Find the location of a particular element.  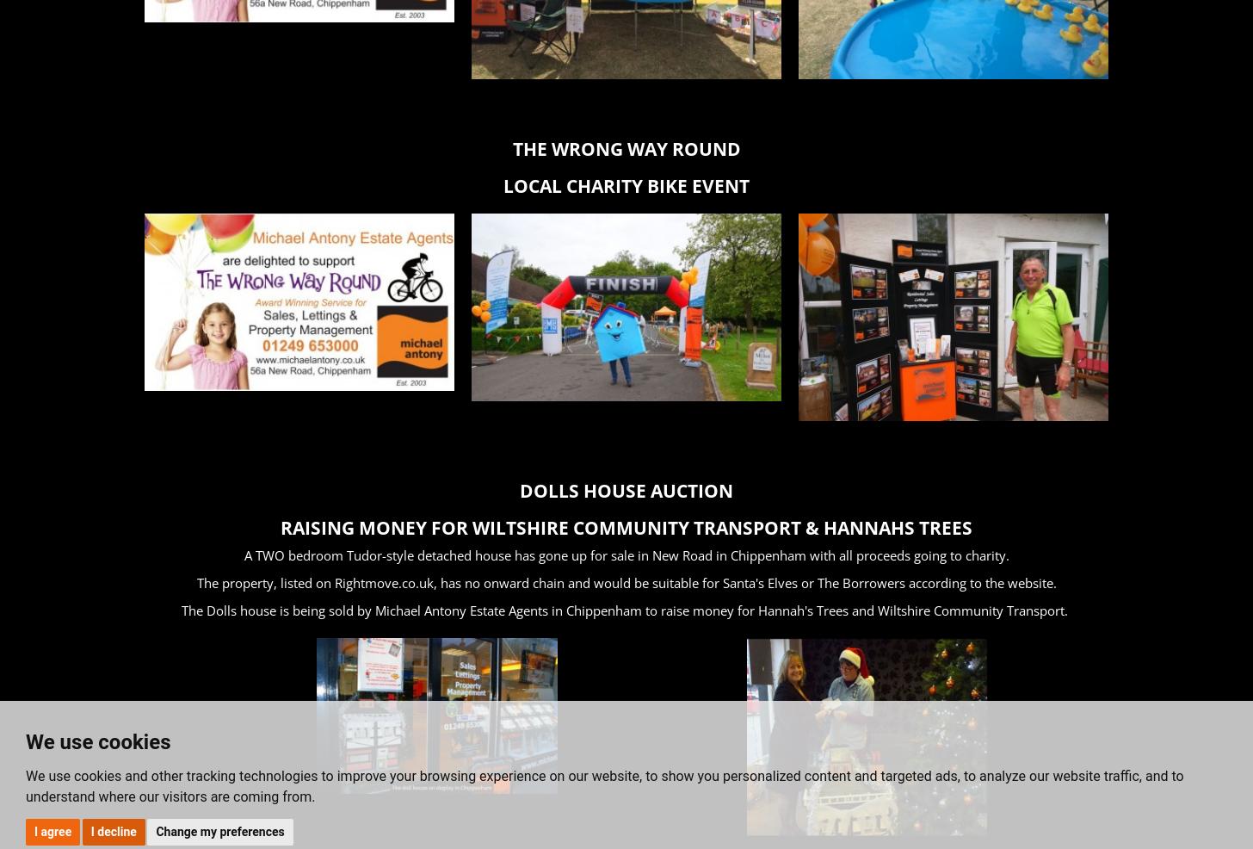

'We use cookies' is located at coordinates (98, 741).